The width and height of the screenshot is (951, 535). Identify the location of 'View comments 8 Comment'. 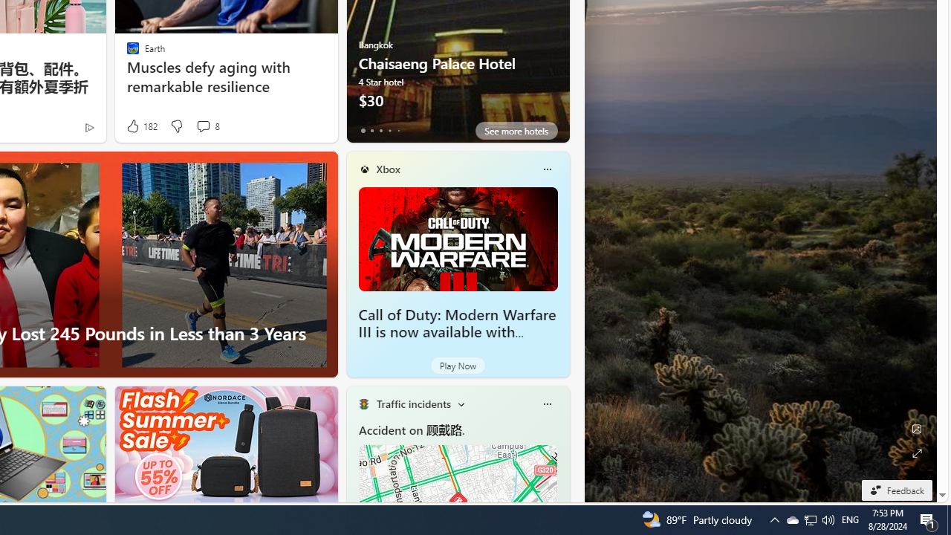
(202, 125).